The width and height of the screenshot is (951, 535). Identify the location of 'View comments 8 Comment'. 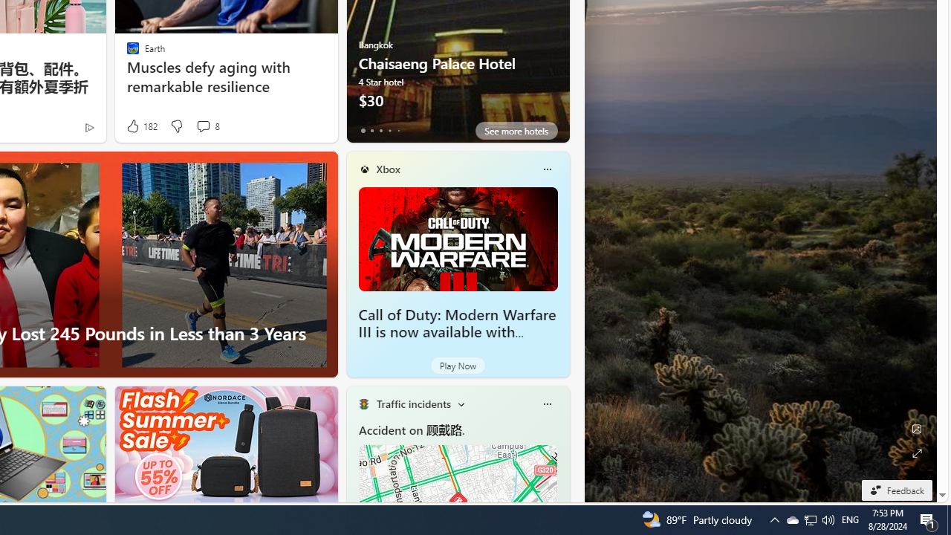
(202, 125).